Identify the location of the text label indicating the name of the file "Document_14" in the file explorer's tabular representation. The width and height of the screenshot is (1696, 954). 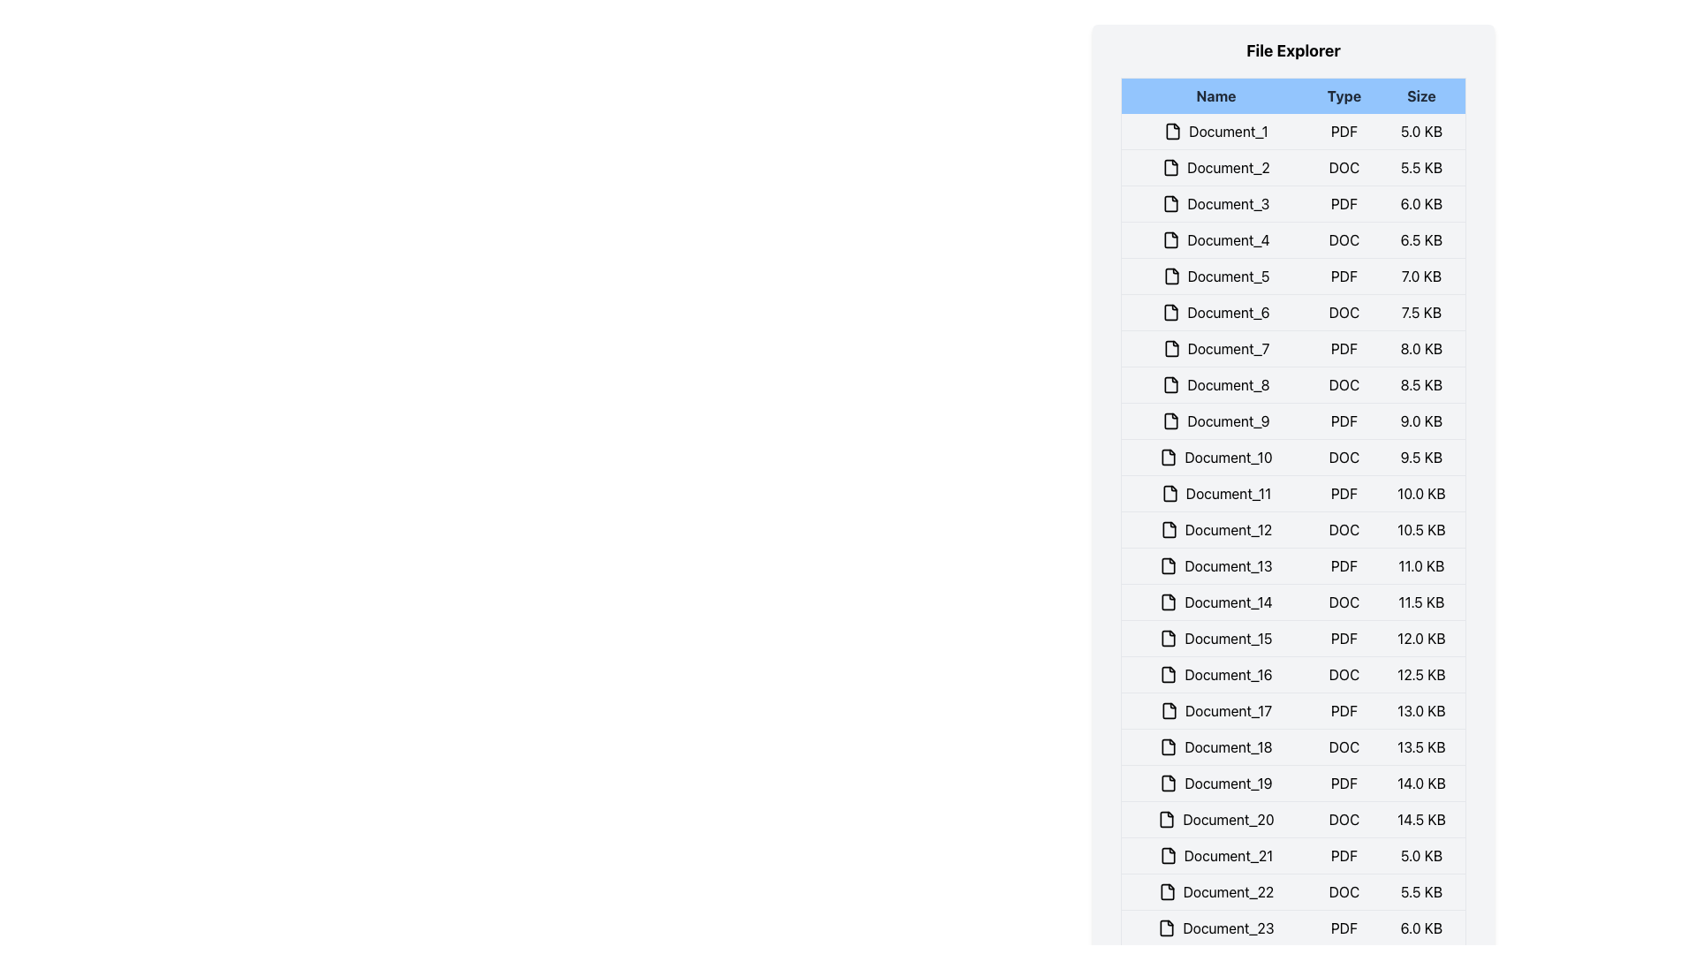
(1215, 602).